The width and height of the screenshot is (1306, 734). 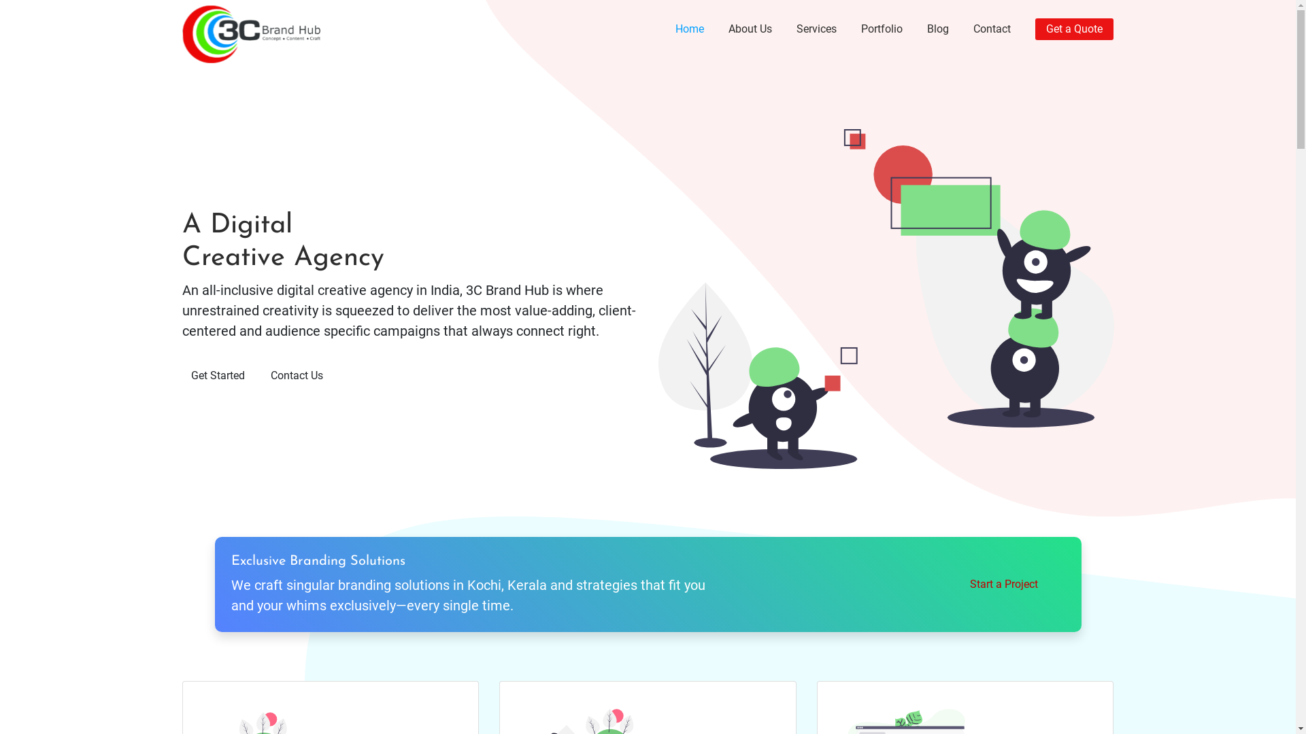 What do you see at coordinates (295, 375) in the screenshot?
I see `'Contact Us'` at bounding box center [295, 375].